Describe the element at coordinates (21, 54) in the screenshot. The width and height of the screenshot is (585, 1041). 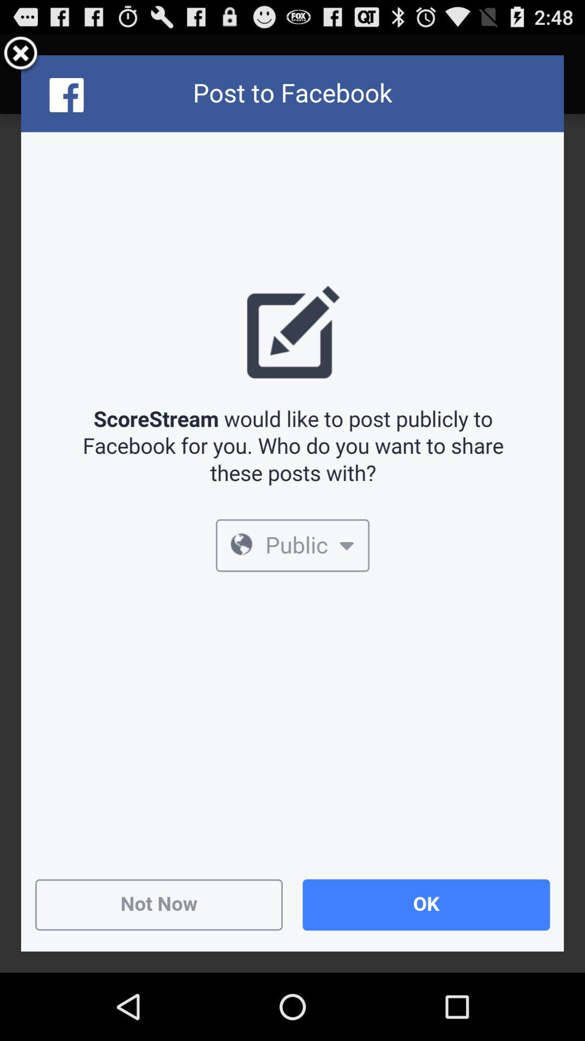
I see `the page` at that location.